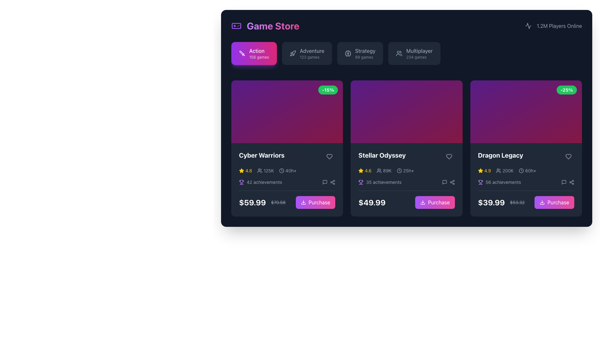 Image resolution: width=616 pixels, height=346 pixels. What do you see at coordinates (361, 182) in the screenshot?
I see `the decorative trophy icon representing achievements for the game 'Stellar Odyssey', which is located to the left of the text '35 achievements'` at bounding box center [361, 182].